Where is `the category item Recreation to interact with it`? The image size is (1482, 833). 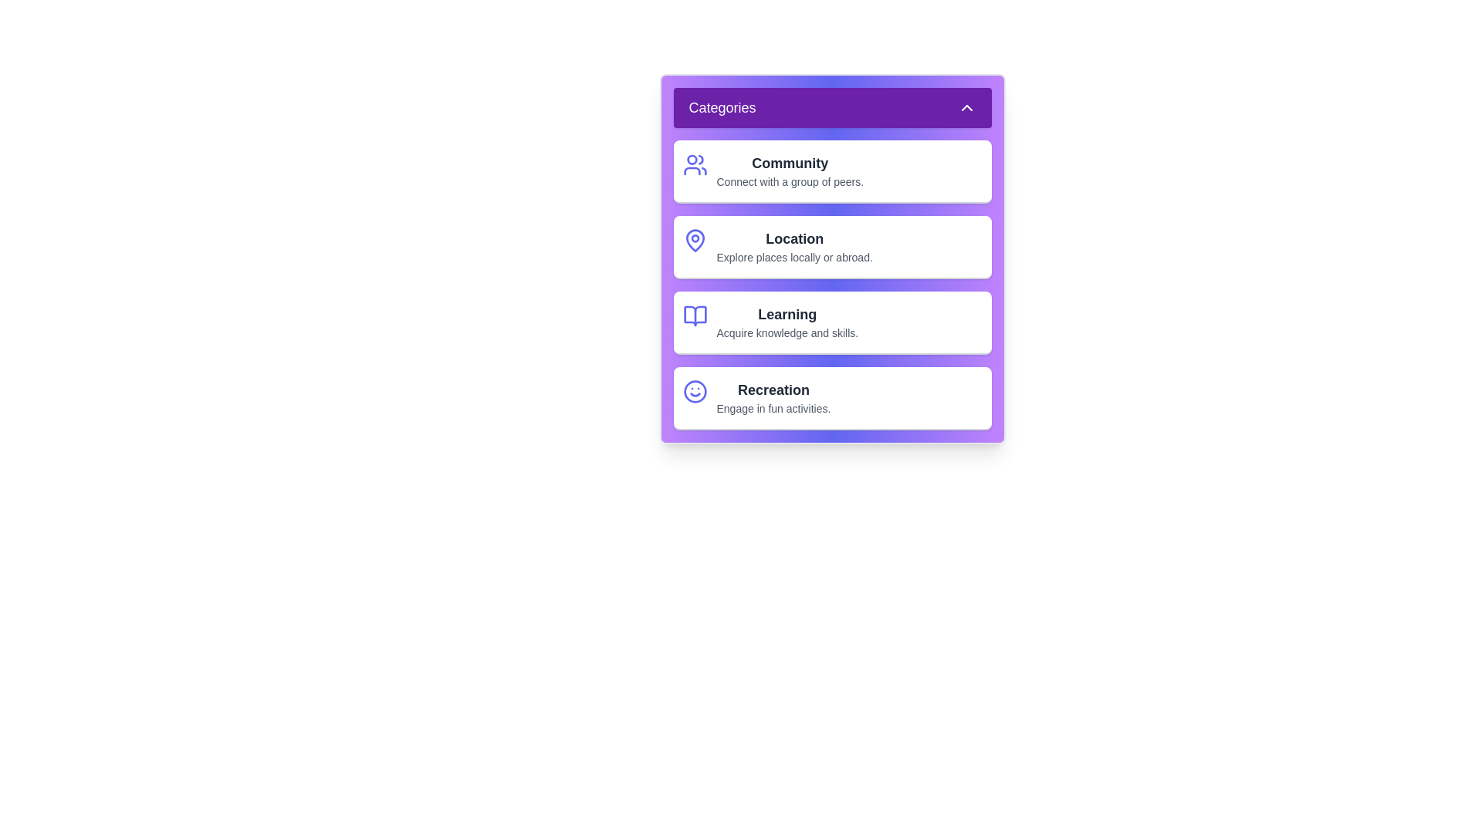 the category item Recreation to interact with it is located at coordinates (831, 397).